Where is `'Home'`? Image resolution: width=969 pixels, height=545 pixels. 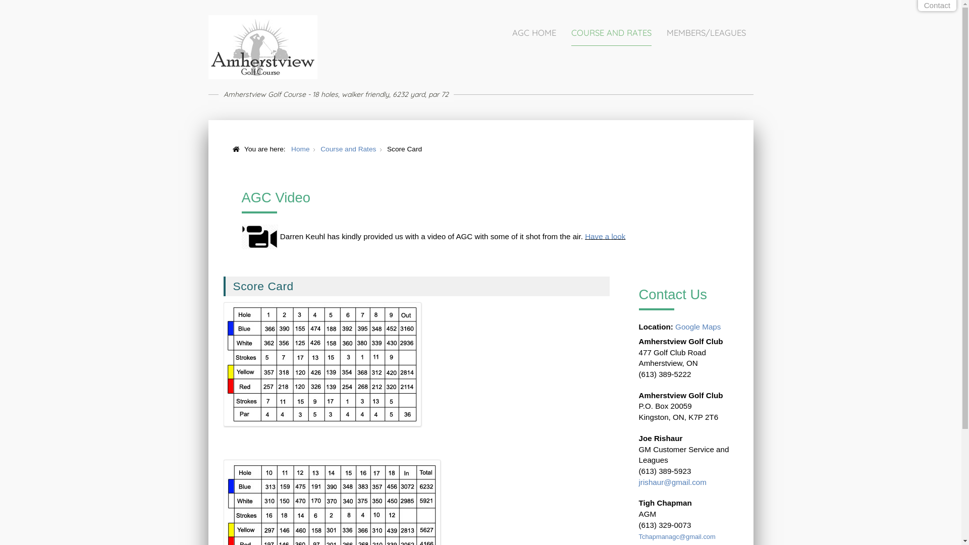
'Home' is located at coordinates (290, 149).